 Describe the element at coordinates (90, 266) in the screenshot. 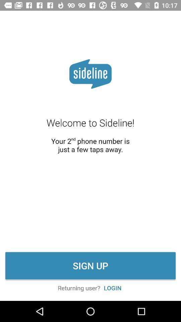

I see `item above login icon` at that location.